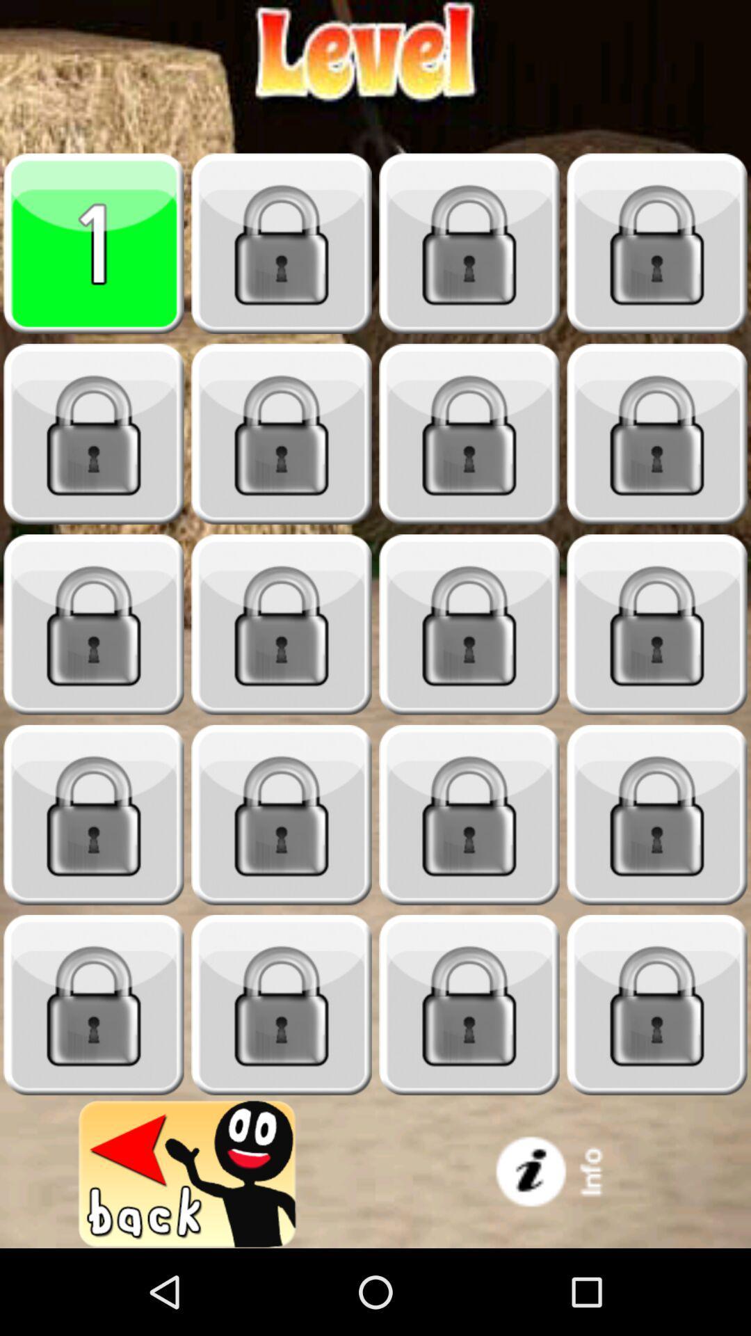  Describe the element at coordinates (94, 624) in the screenshot. I see `locked game level` at that location.